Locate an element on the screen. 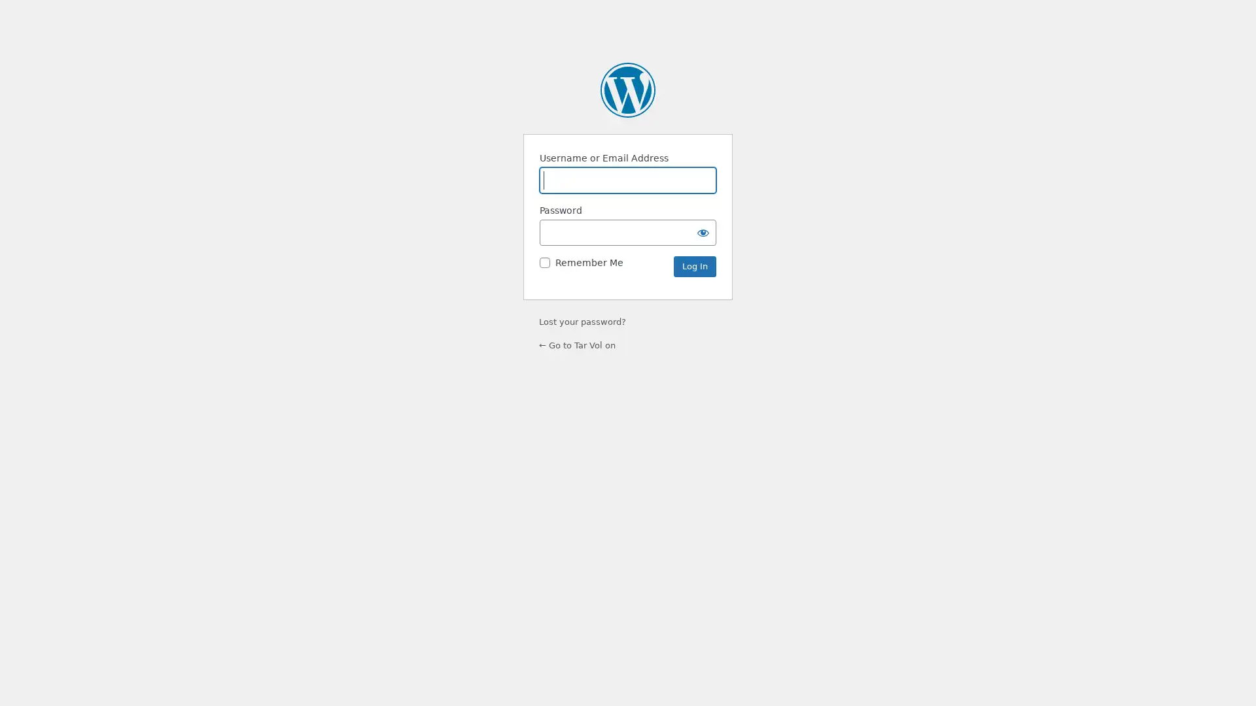 Image resolution: width=1256 pixels, height=706 pixels. Log In is located at coordinates (694, 266).